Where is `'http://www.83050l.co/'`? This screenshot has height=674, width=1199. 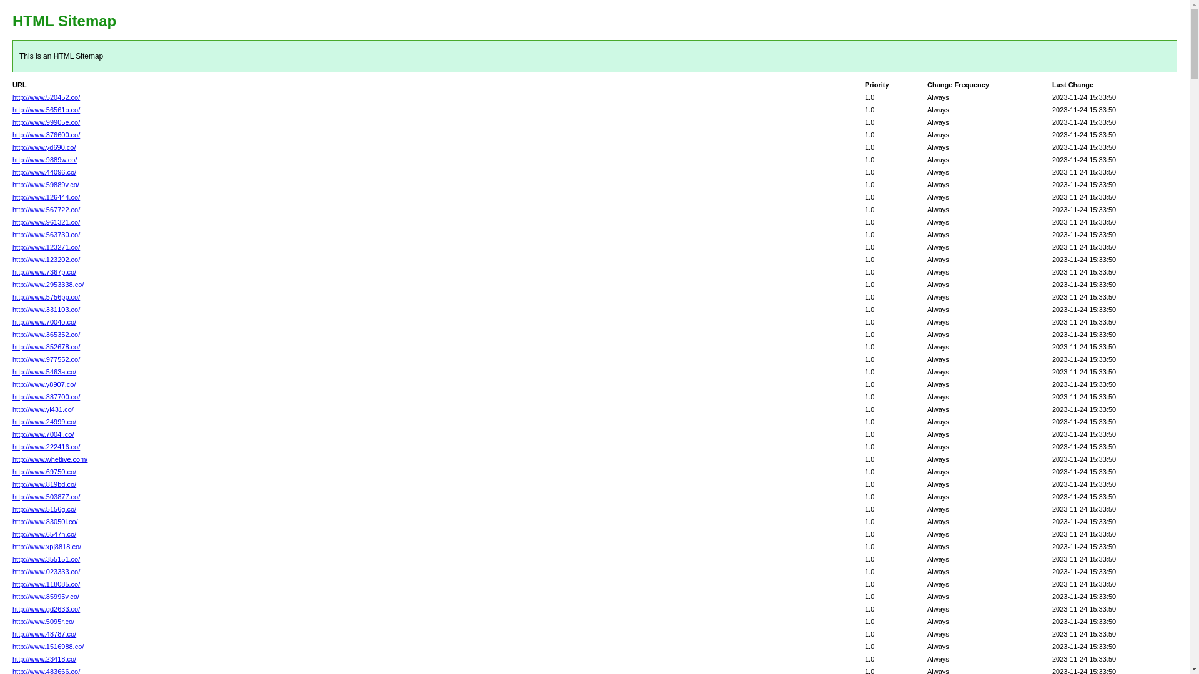
'http://www.83050l.co/' is located at coordinates (12, 522).